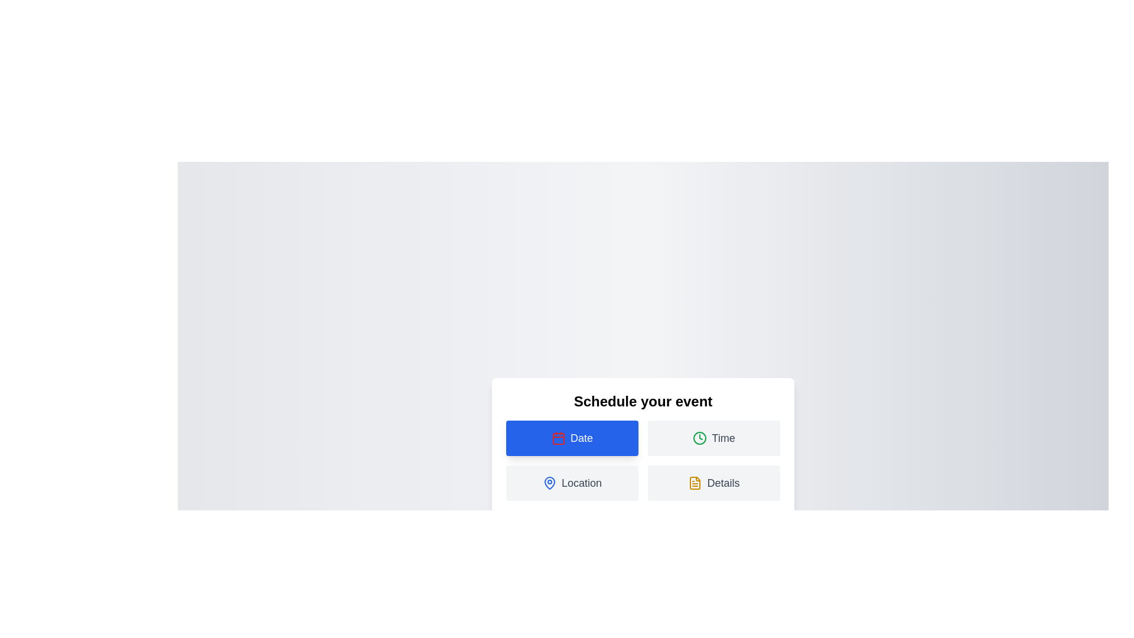 The width and height of the screenshot is (1134, 638). What do you see at coordinates (549, 483) in the screenshot?
I see `the blue outlined map pin icon located within the 'Location' button in the lower-left of the menu grid to initiate related actions` at bounding box center [549, 483].